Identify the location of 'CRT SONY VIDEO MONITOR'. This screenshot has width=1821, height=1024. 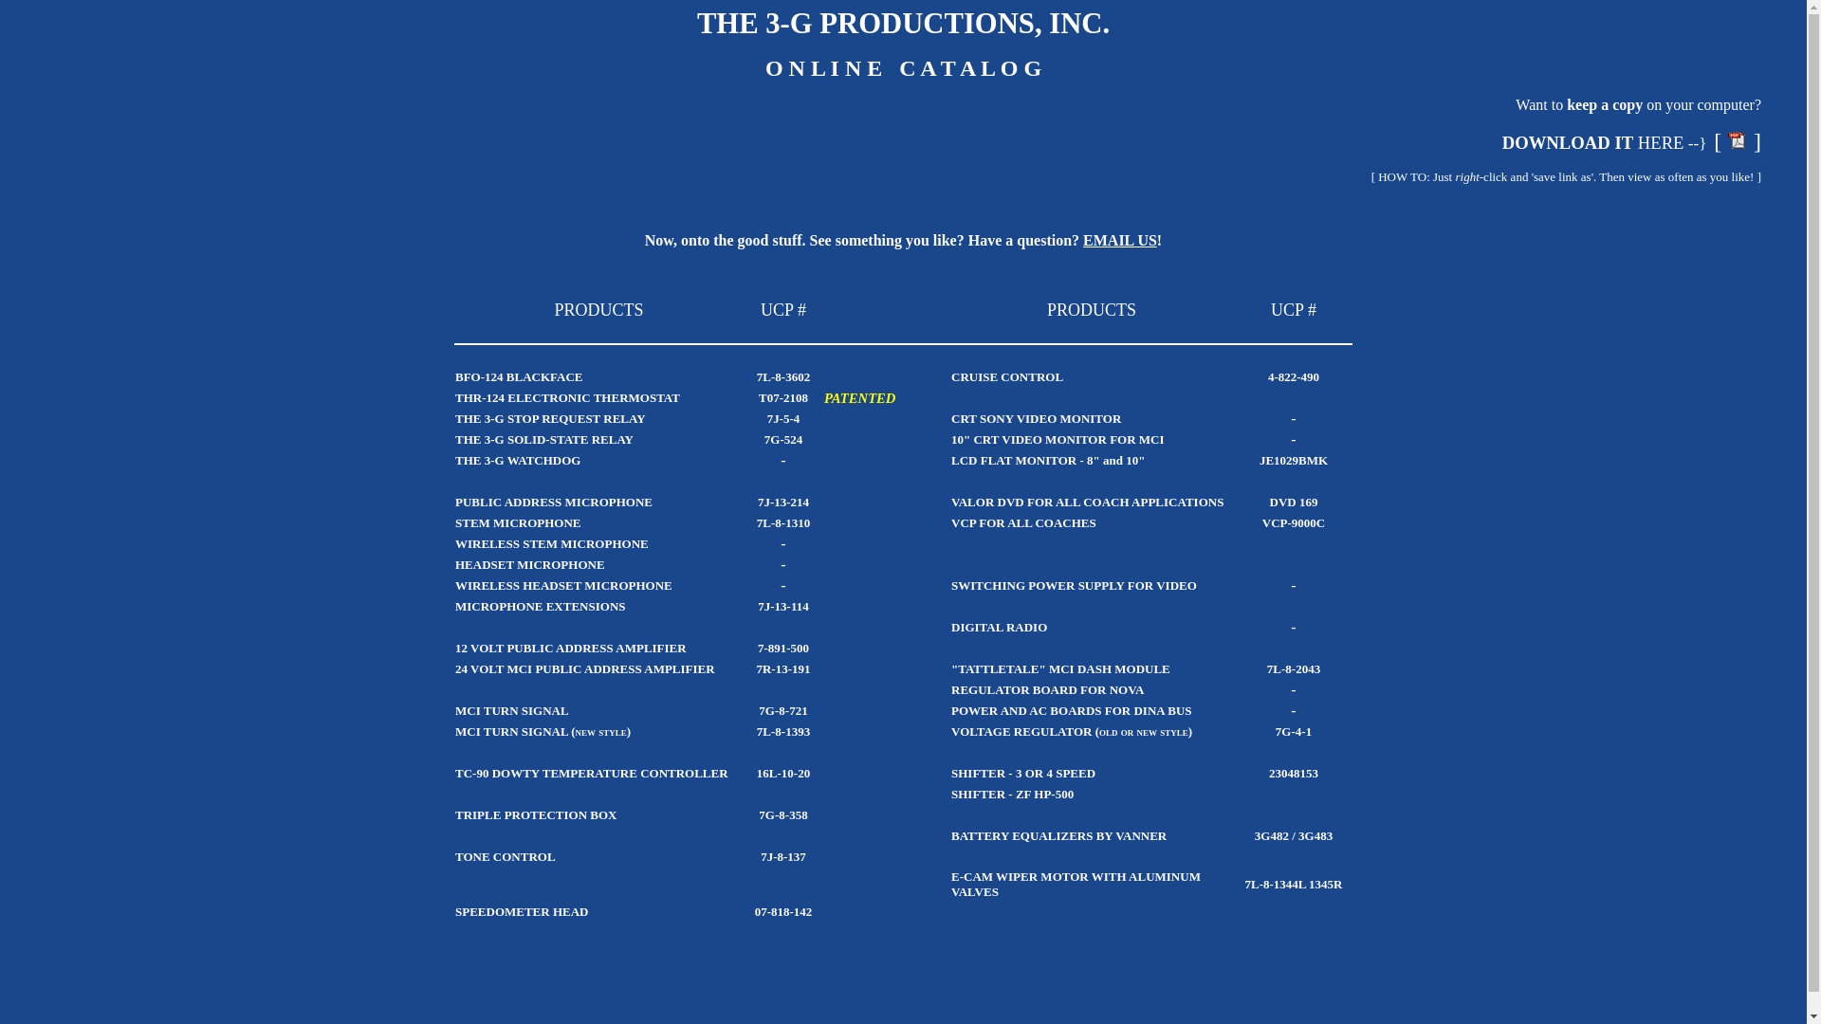
(1035, 416).